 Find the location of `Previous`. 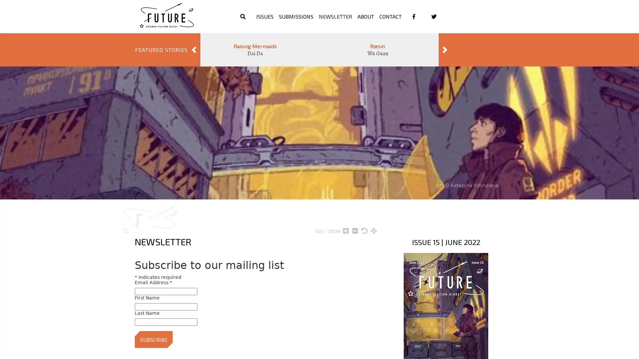

Previous is located at coordinates (193, 50).